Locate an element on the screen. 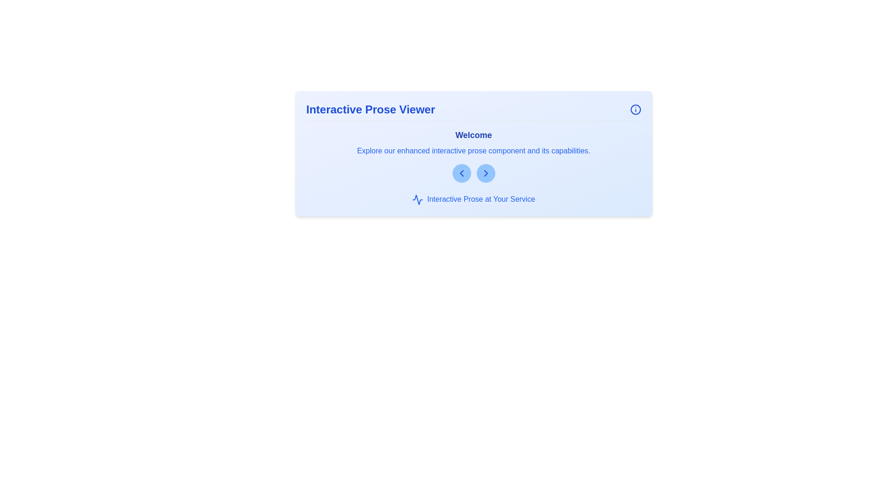 This screenshot has width=893, height=502. the Vector graphic icon (SVG) that represents activity or monitoring, located just above the label 'Interactive Prose at Your Service' in the footer section of the card-like interface is located at coordinates (417, 199).